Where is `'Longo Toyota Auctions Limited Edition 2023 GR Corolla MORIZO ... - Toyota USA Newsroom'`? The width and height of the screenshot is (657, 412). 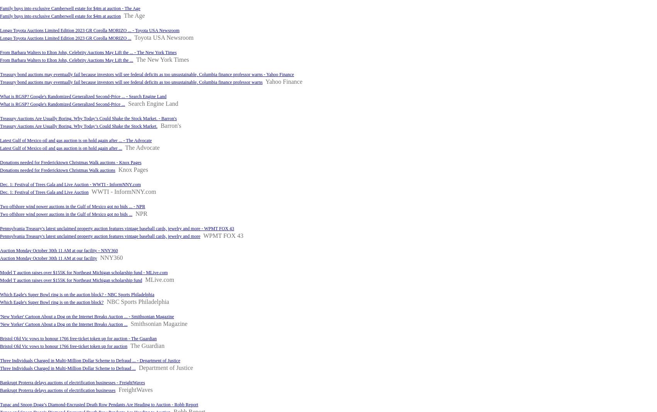 'Longo Toyota Auctions Limited Edition 2023 GR Corolla MORIZO ... - Toyota USA Newsroom' is located at coordinates (89, 30).